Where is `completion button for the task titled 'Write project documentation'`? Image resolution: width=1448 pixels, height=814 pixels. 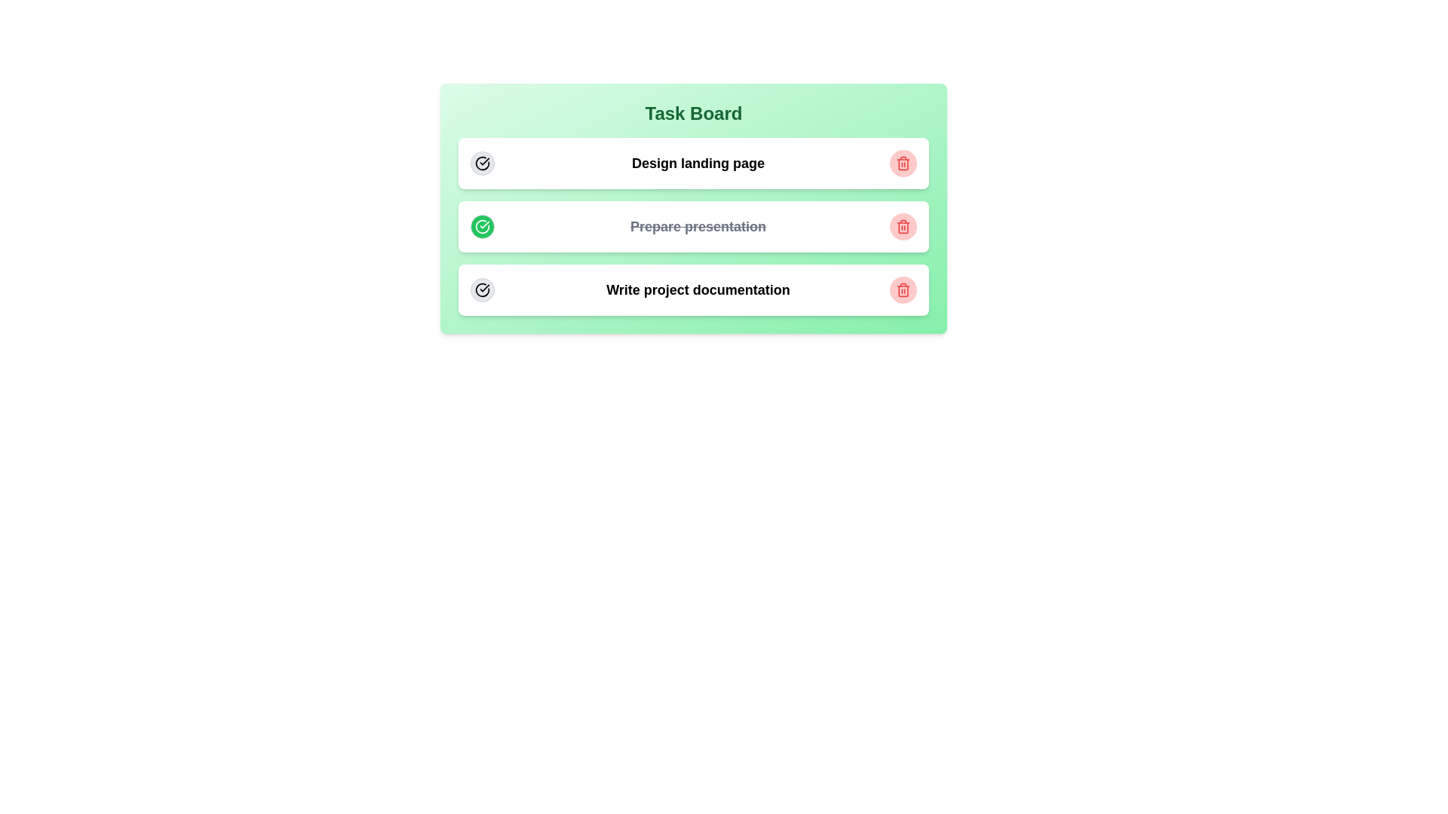 completion button for the task titled 'Write project documentation' is located at coordinates (481, 290).